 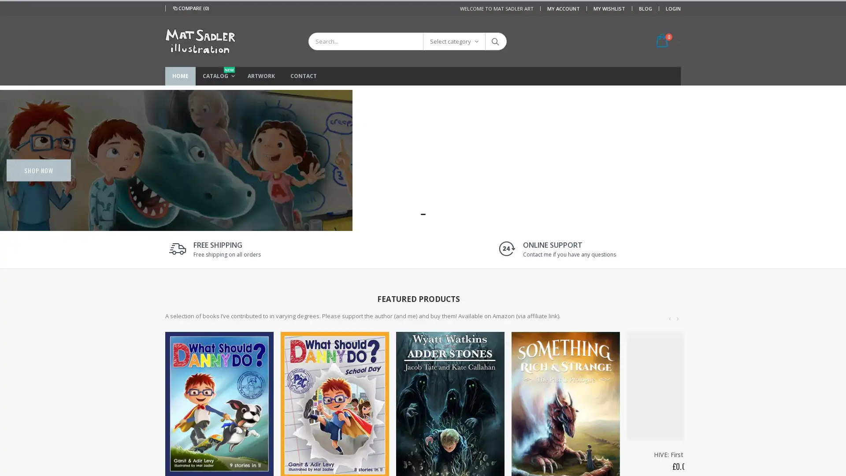 I want to click on Search, so click(x=495, y=41).